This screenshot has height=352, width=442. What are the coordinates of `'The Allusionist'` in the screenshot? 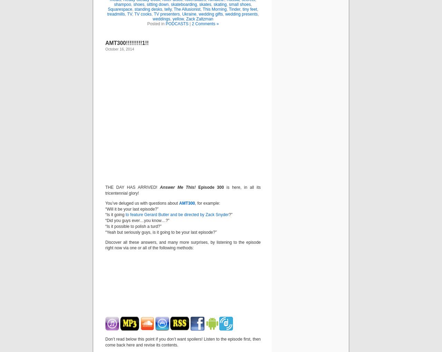 It's located at (187, 9).